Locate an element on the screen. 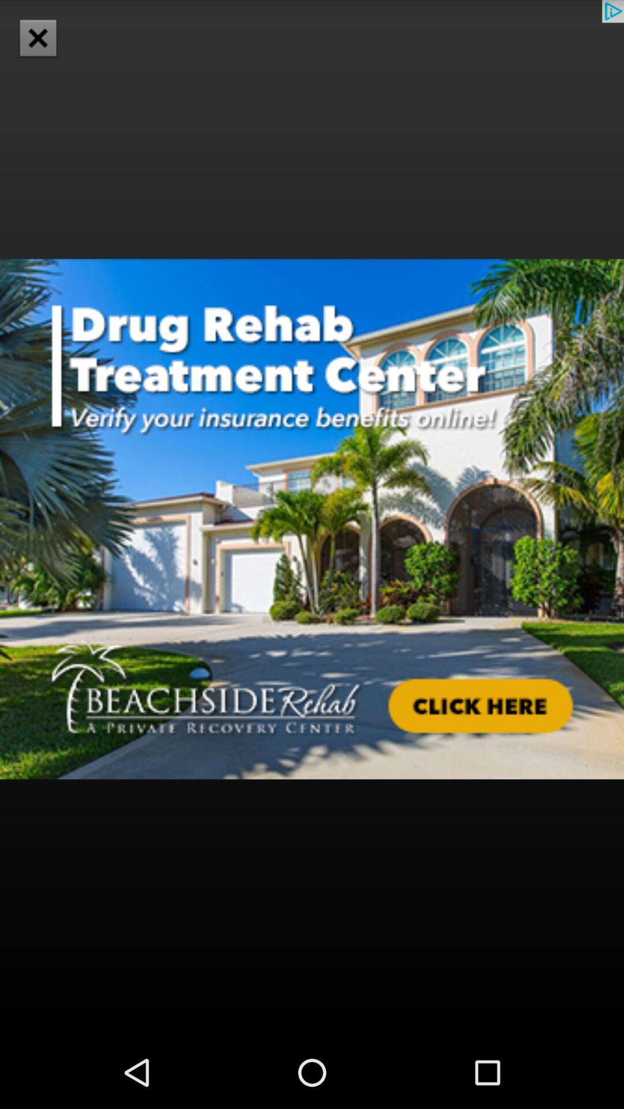 The height and width of the screenshot is (1109, 624). the close icon is located at coordinates (37, 40).